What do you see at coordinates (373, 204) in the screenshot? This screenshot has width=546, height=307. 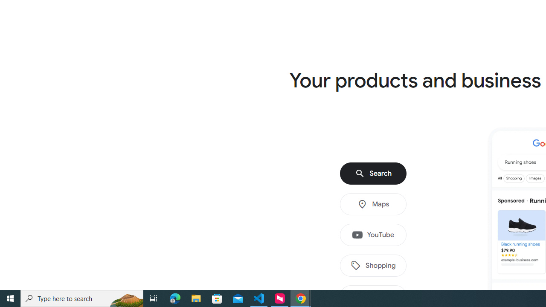 I see `'Maps'` at bounding box center [373, 204].